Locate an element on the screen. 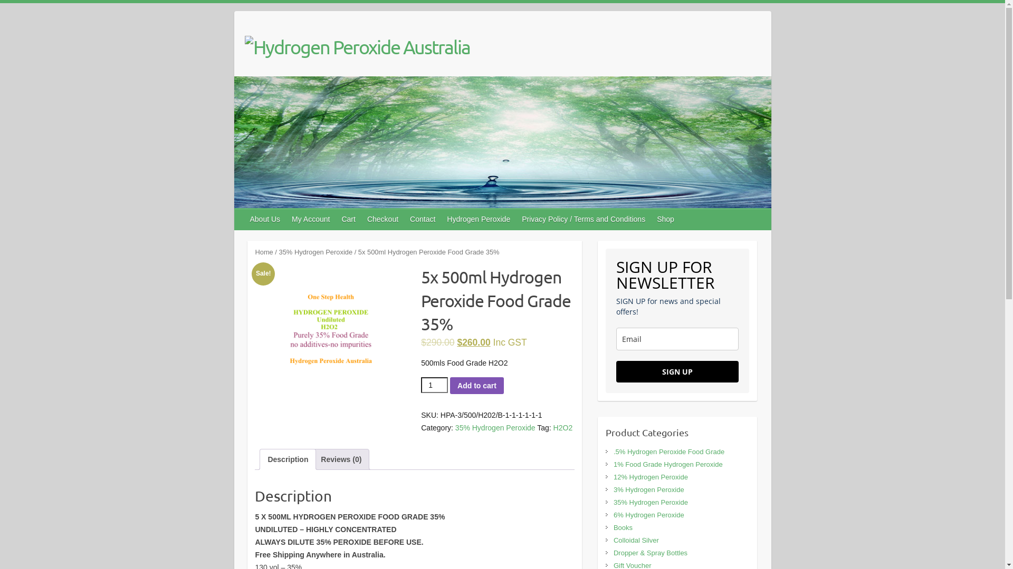 This screenshot has height=569, width=1013. '.5% Hydrogen Peroxide Food Grade' is located at coordinates (613, 451).